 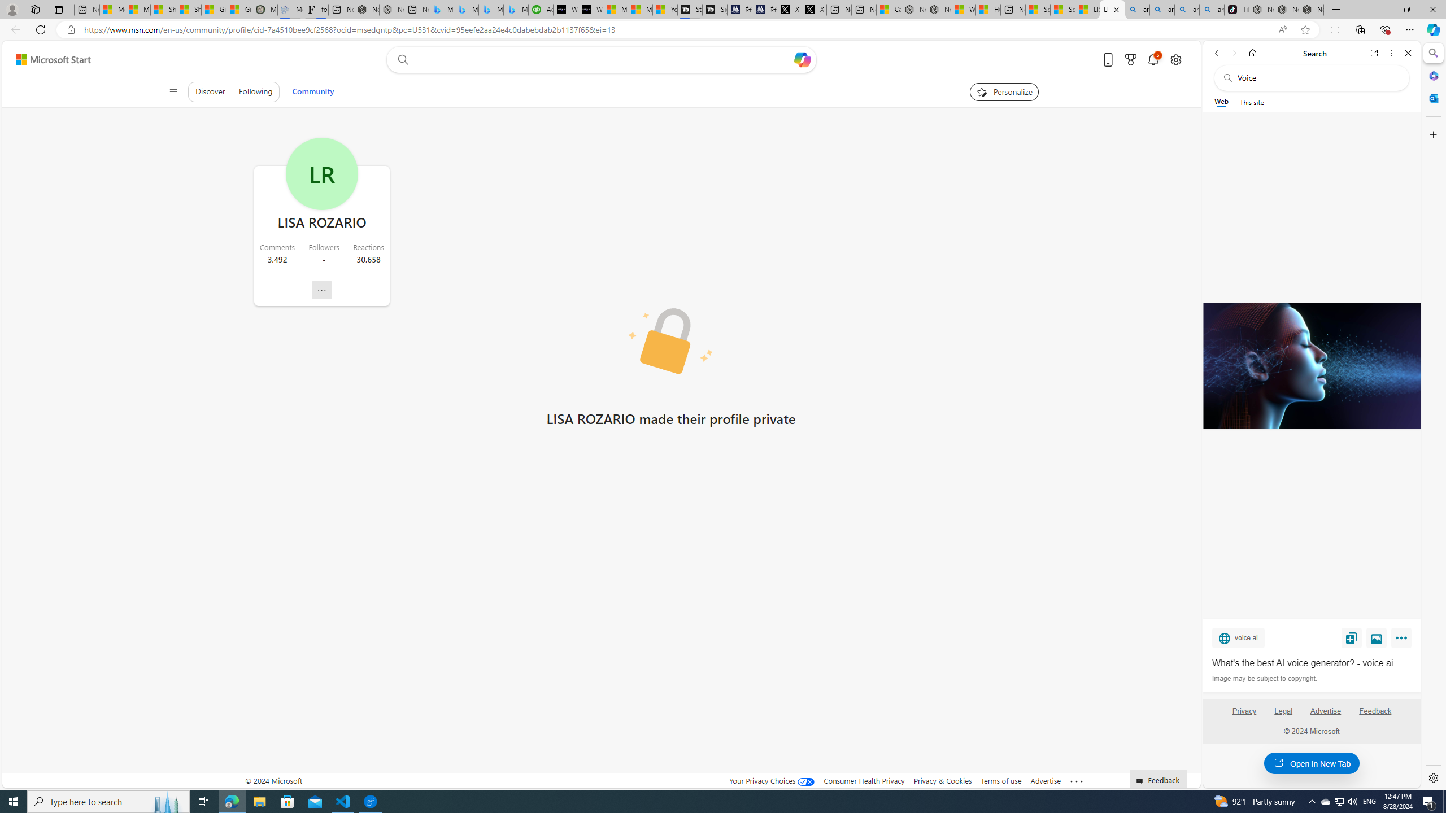 I want to click on 'voice.ai', so click(x=1238, y=637).